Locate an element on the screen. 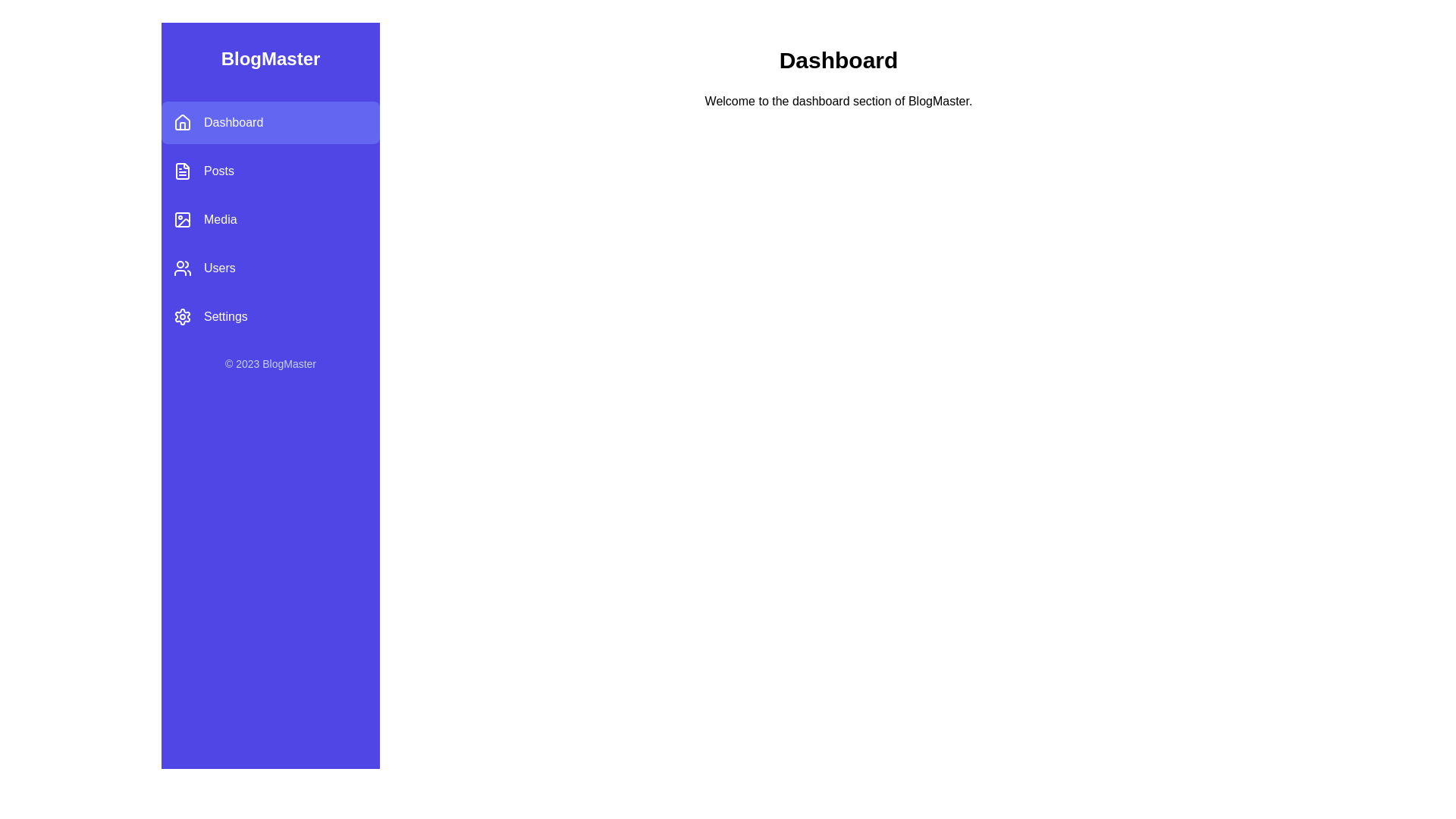 Image resolution: width=1456 pixels, height=819 pixels. the 'Settings' cogwheel icon located at the bottom of the vertical navigation menu is located at coordinates (182, 315).